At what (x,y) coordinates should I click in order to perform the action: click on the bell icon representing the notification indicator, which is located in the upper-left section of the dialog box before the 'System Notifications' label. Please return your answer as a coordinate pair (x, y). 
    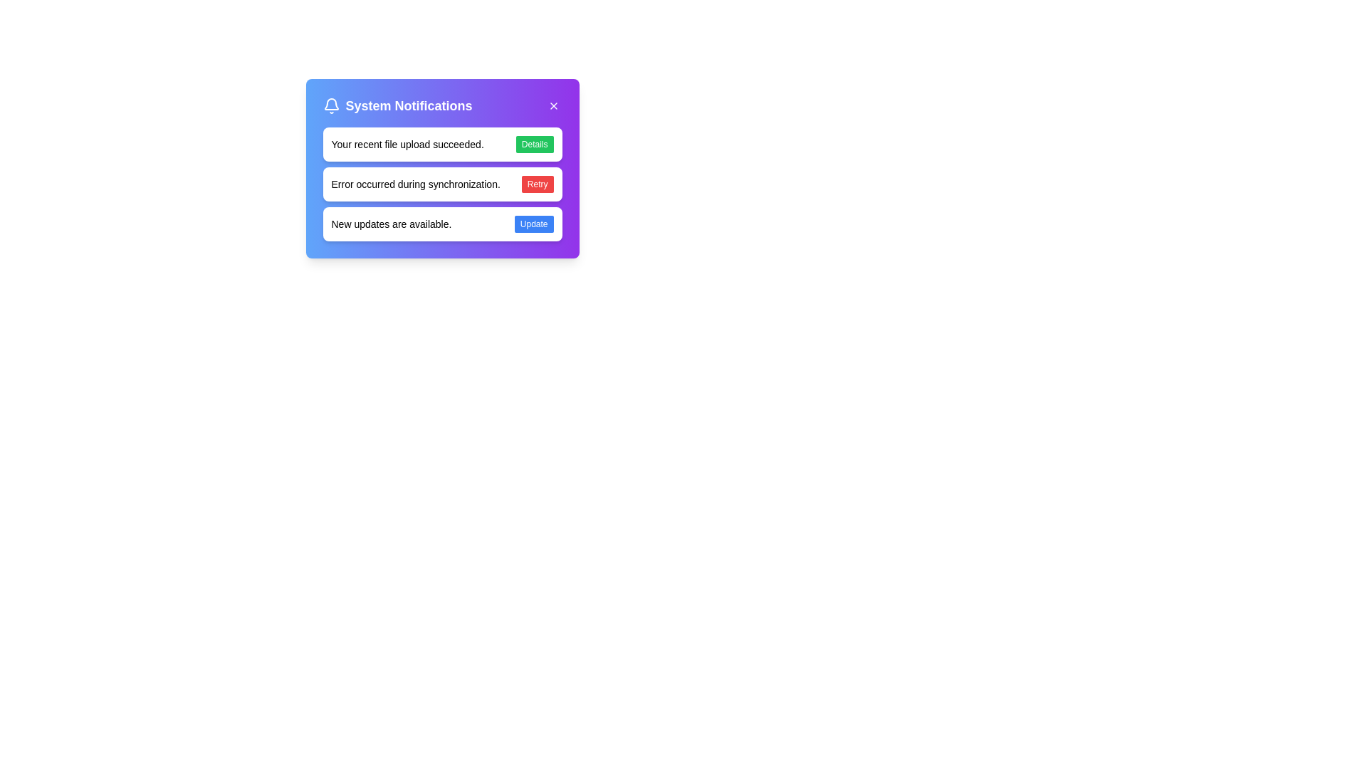
    Looking at the image, I should click on (330, 105).